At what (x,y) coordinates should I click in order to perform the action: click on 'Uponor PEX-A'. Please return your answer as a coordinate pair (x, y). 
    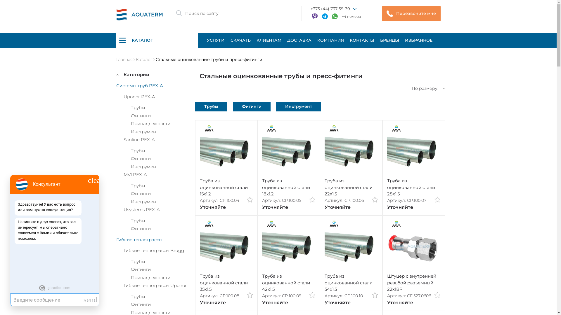
    Looking at the image, I should click on (123, 96).